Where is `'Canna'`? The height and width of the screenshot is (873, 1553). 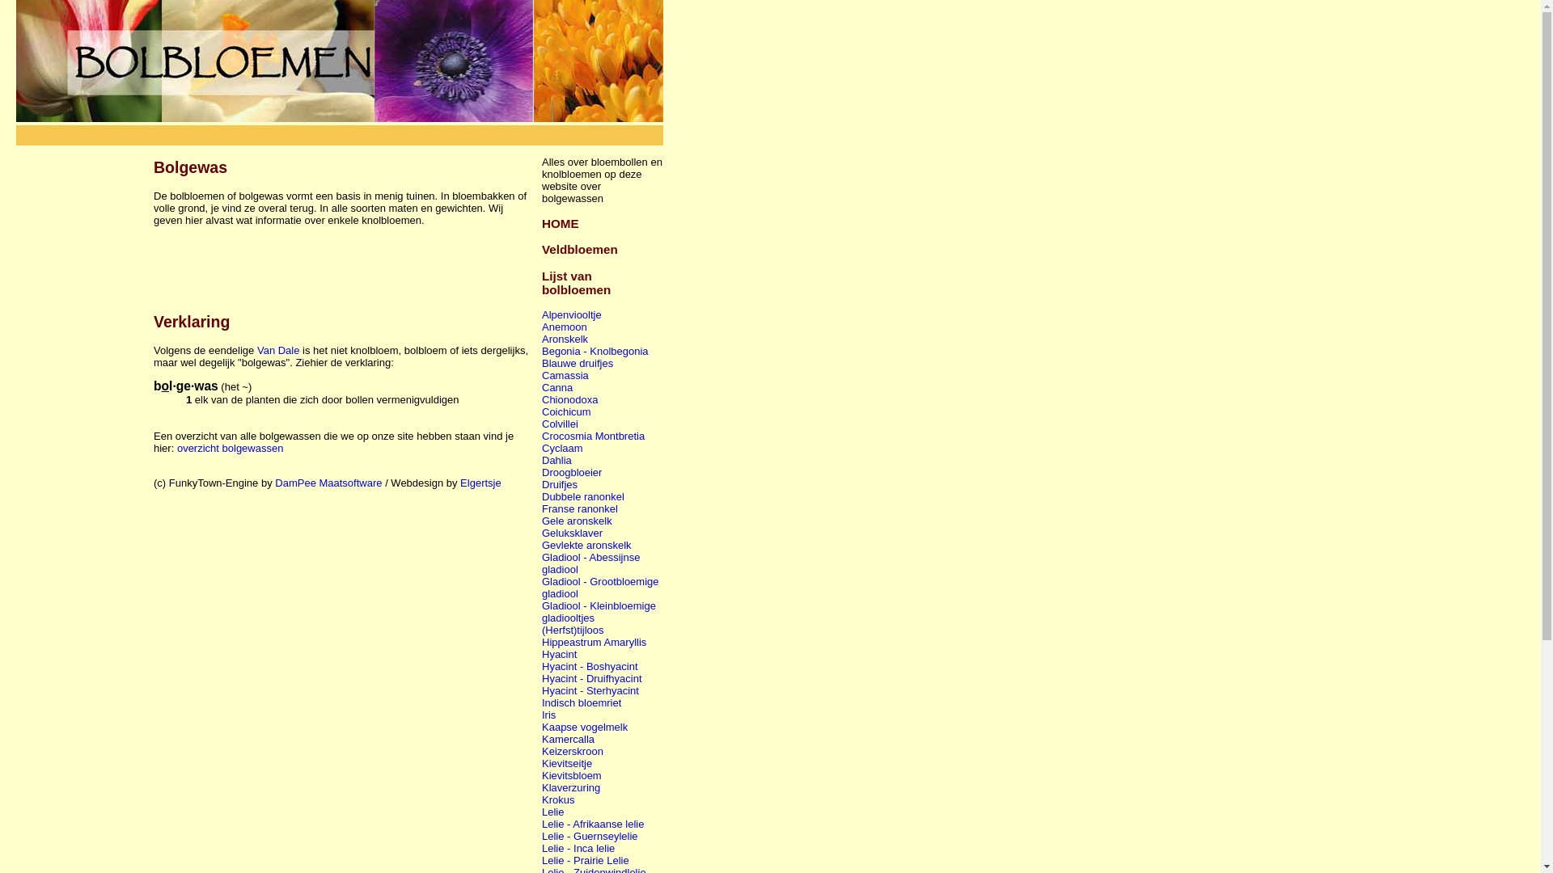 'Canna' is located at coordinates (557, 387).